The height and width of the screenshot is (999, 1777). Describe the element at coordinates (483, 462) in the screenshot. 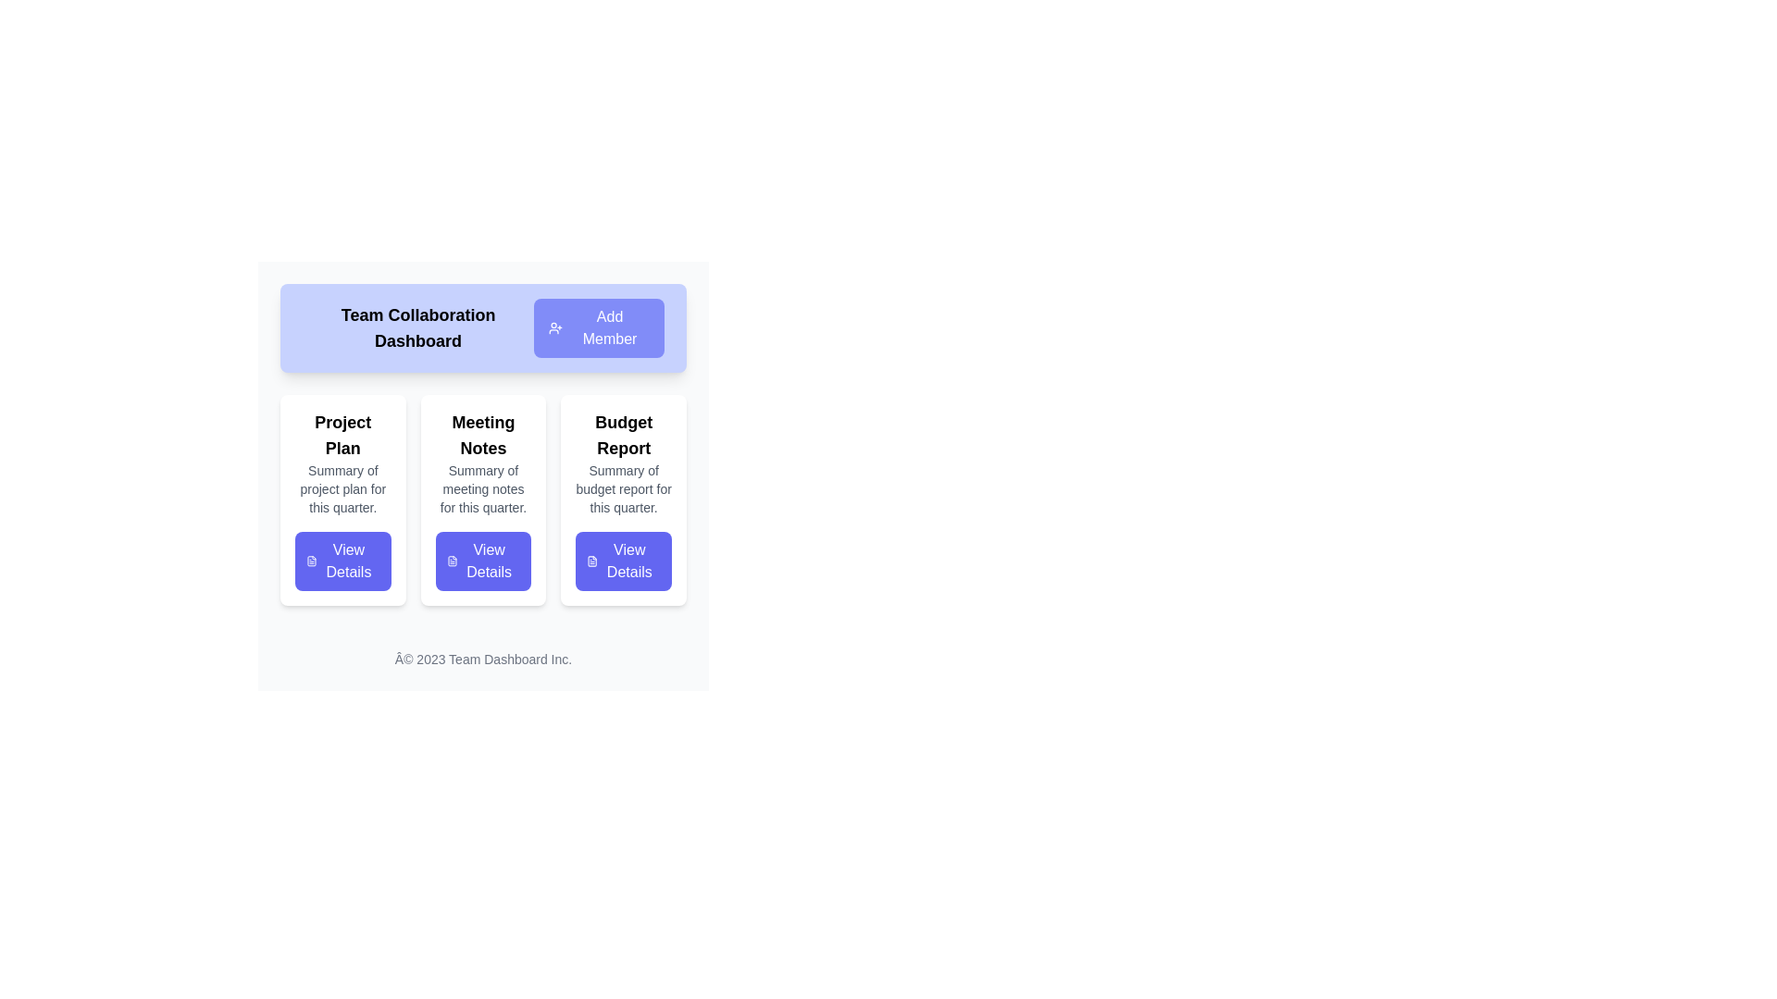

I see `the Text Content Block displaying 'Meeting Notes' and 'Summary of meeting notes for this quarter.'` at that location.